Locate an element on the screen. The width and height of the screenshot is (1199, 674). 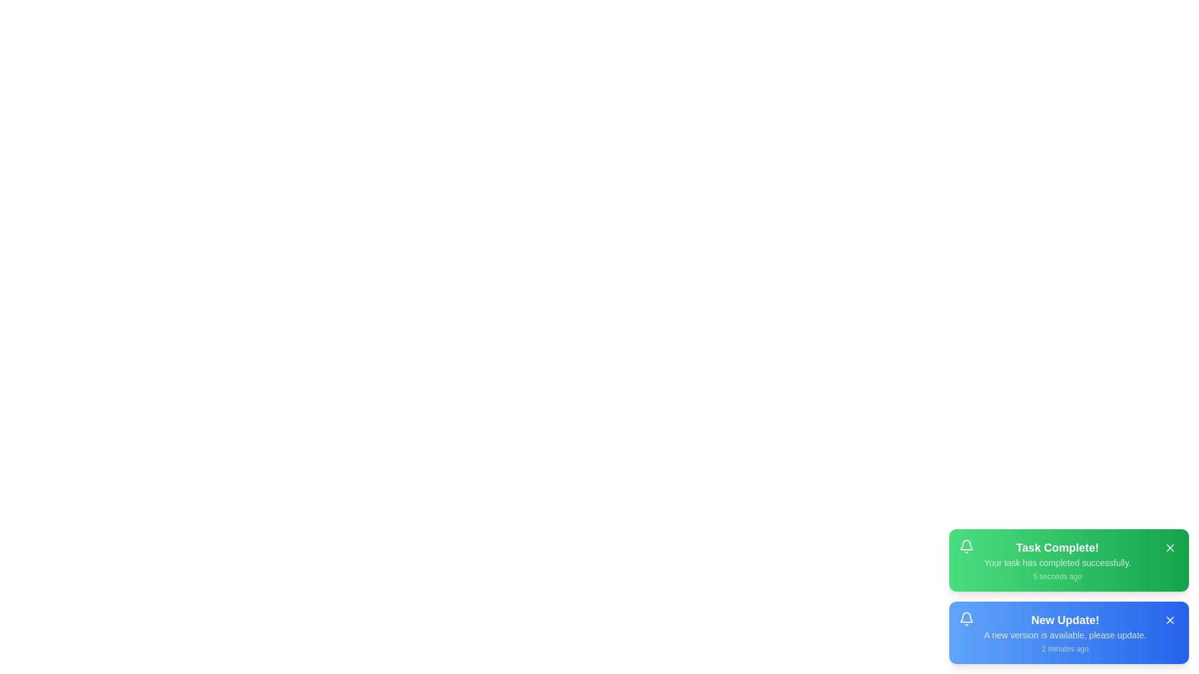
the notification icon bell for the notification Task Complete! is located at coordinates (966, 545).